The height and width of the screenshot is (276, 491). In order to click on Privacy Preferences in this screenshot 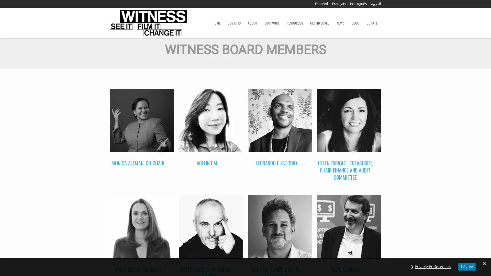, I will do `click(432, 267)`.